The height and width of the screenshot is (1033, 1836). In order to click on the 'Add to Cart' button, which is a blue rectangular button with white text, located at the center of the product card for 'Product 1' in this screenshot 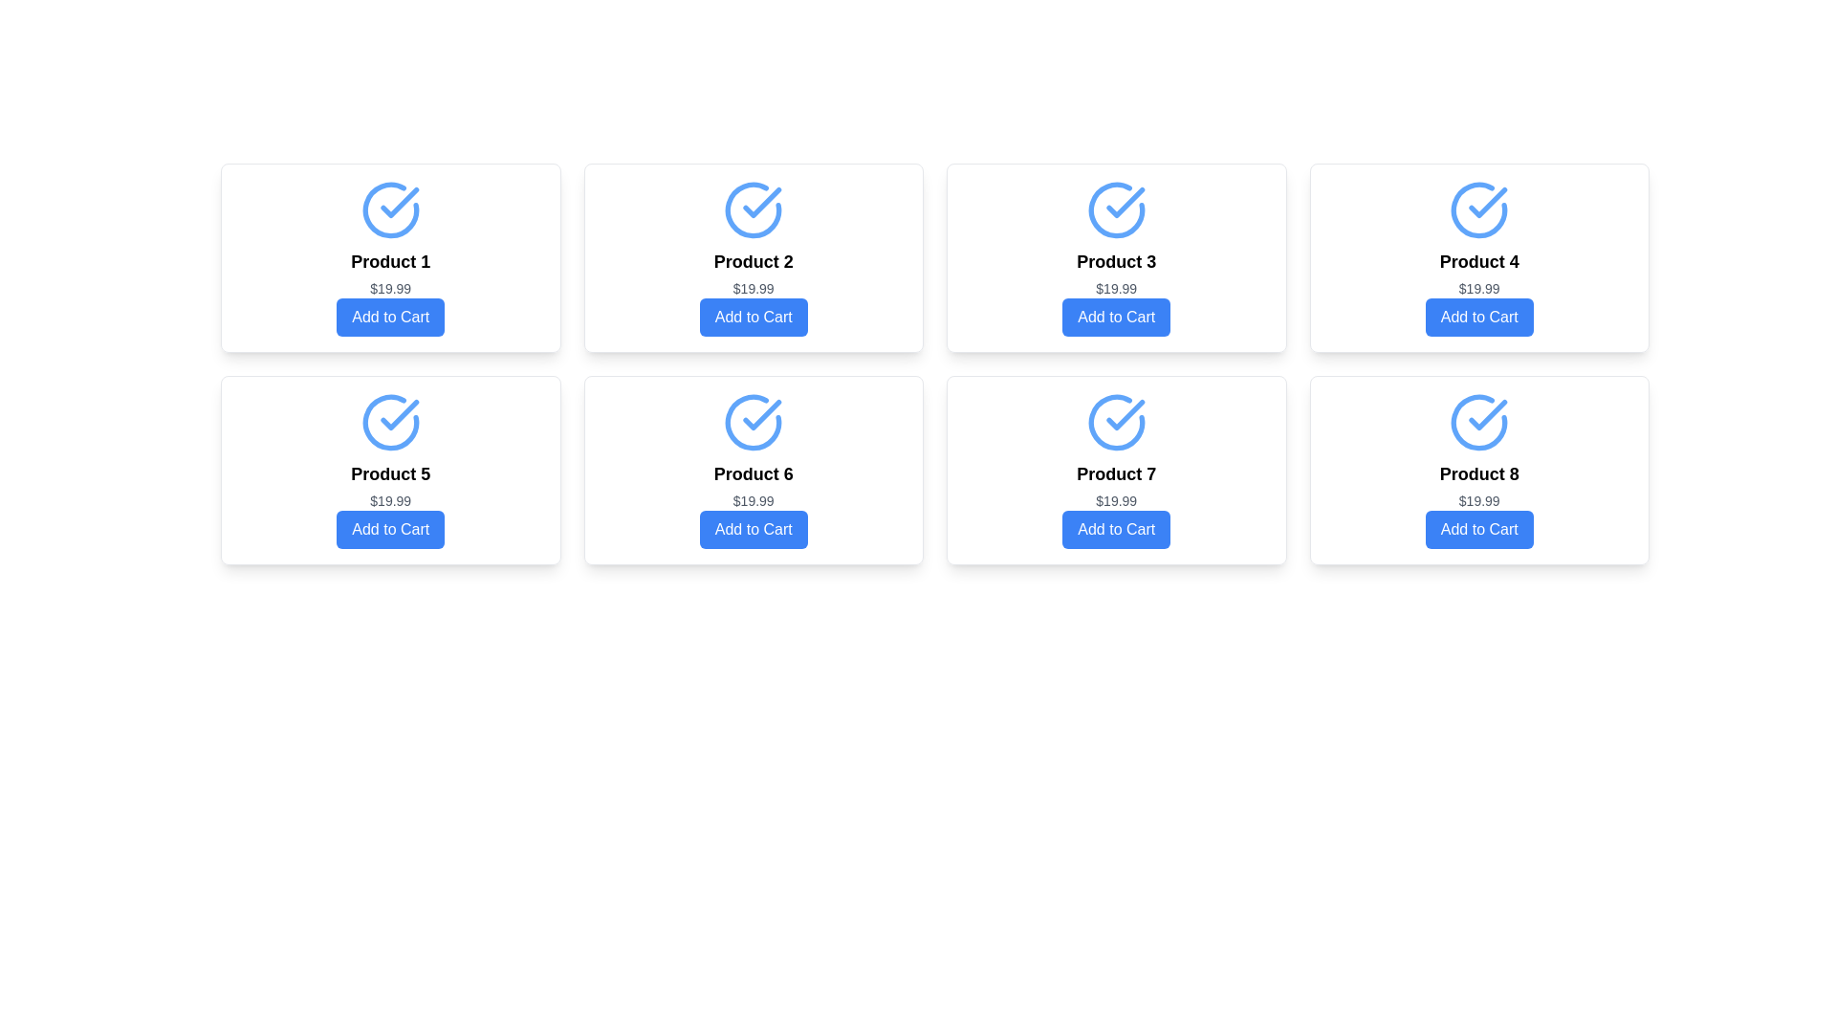, I will do `click(389, 316)`.